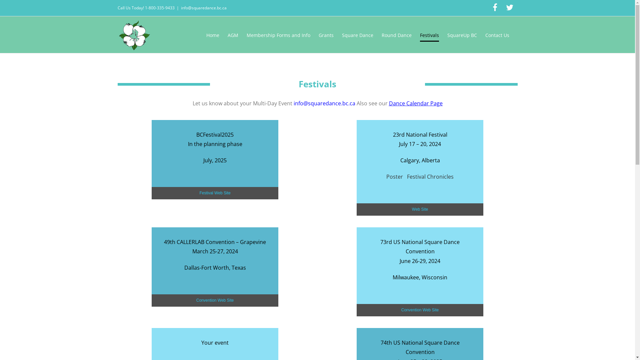  What do you see at coordinates (497, 35) in the screenshot?
I see `'Contact Us'` at bounding box center [497, 35].